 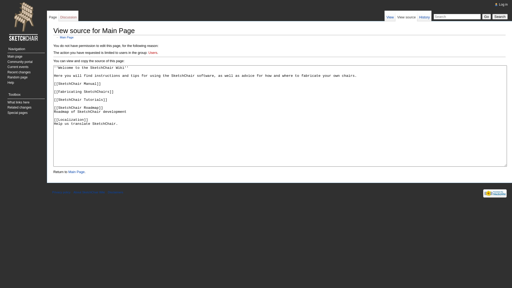 What do you see at coordinates (18, 66) in the screenshot?
I see `'Current events'` at bounding box center [18, 66].